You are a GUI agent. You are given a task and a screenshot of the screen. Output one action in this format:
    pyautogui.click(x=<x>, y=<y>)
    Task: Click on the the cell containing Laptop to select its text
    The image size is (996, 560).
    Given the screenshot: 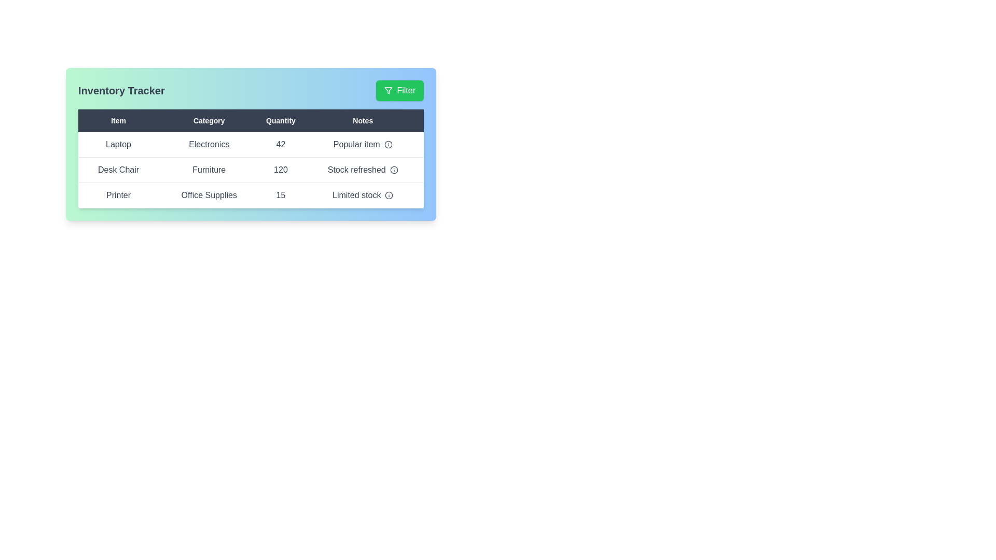 What is the action you would take?
    pyautogui.click(x=118, y=145)
    